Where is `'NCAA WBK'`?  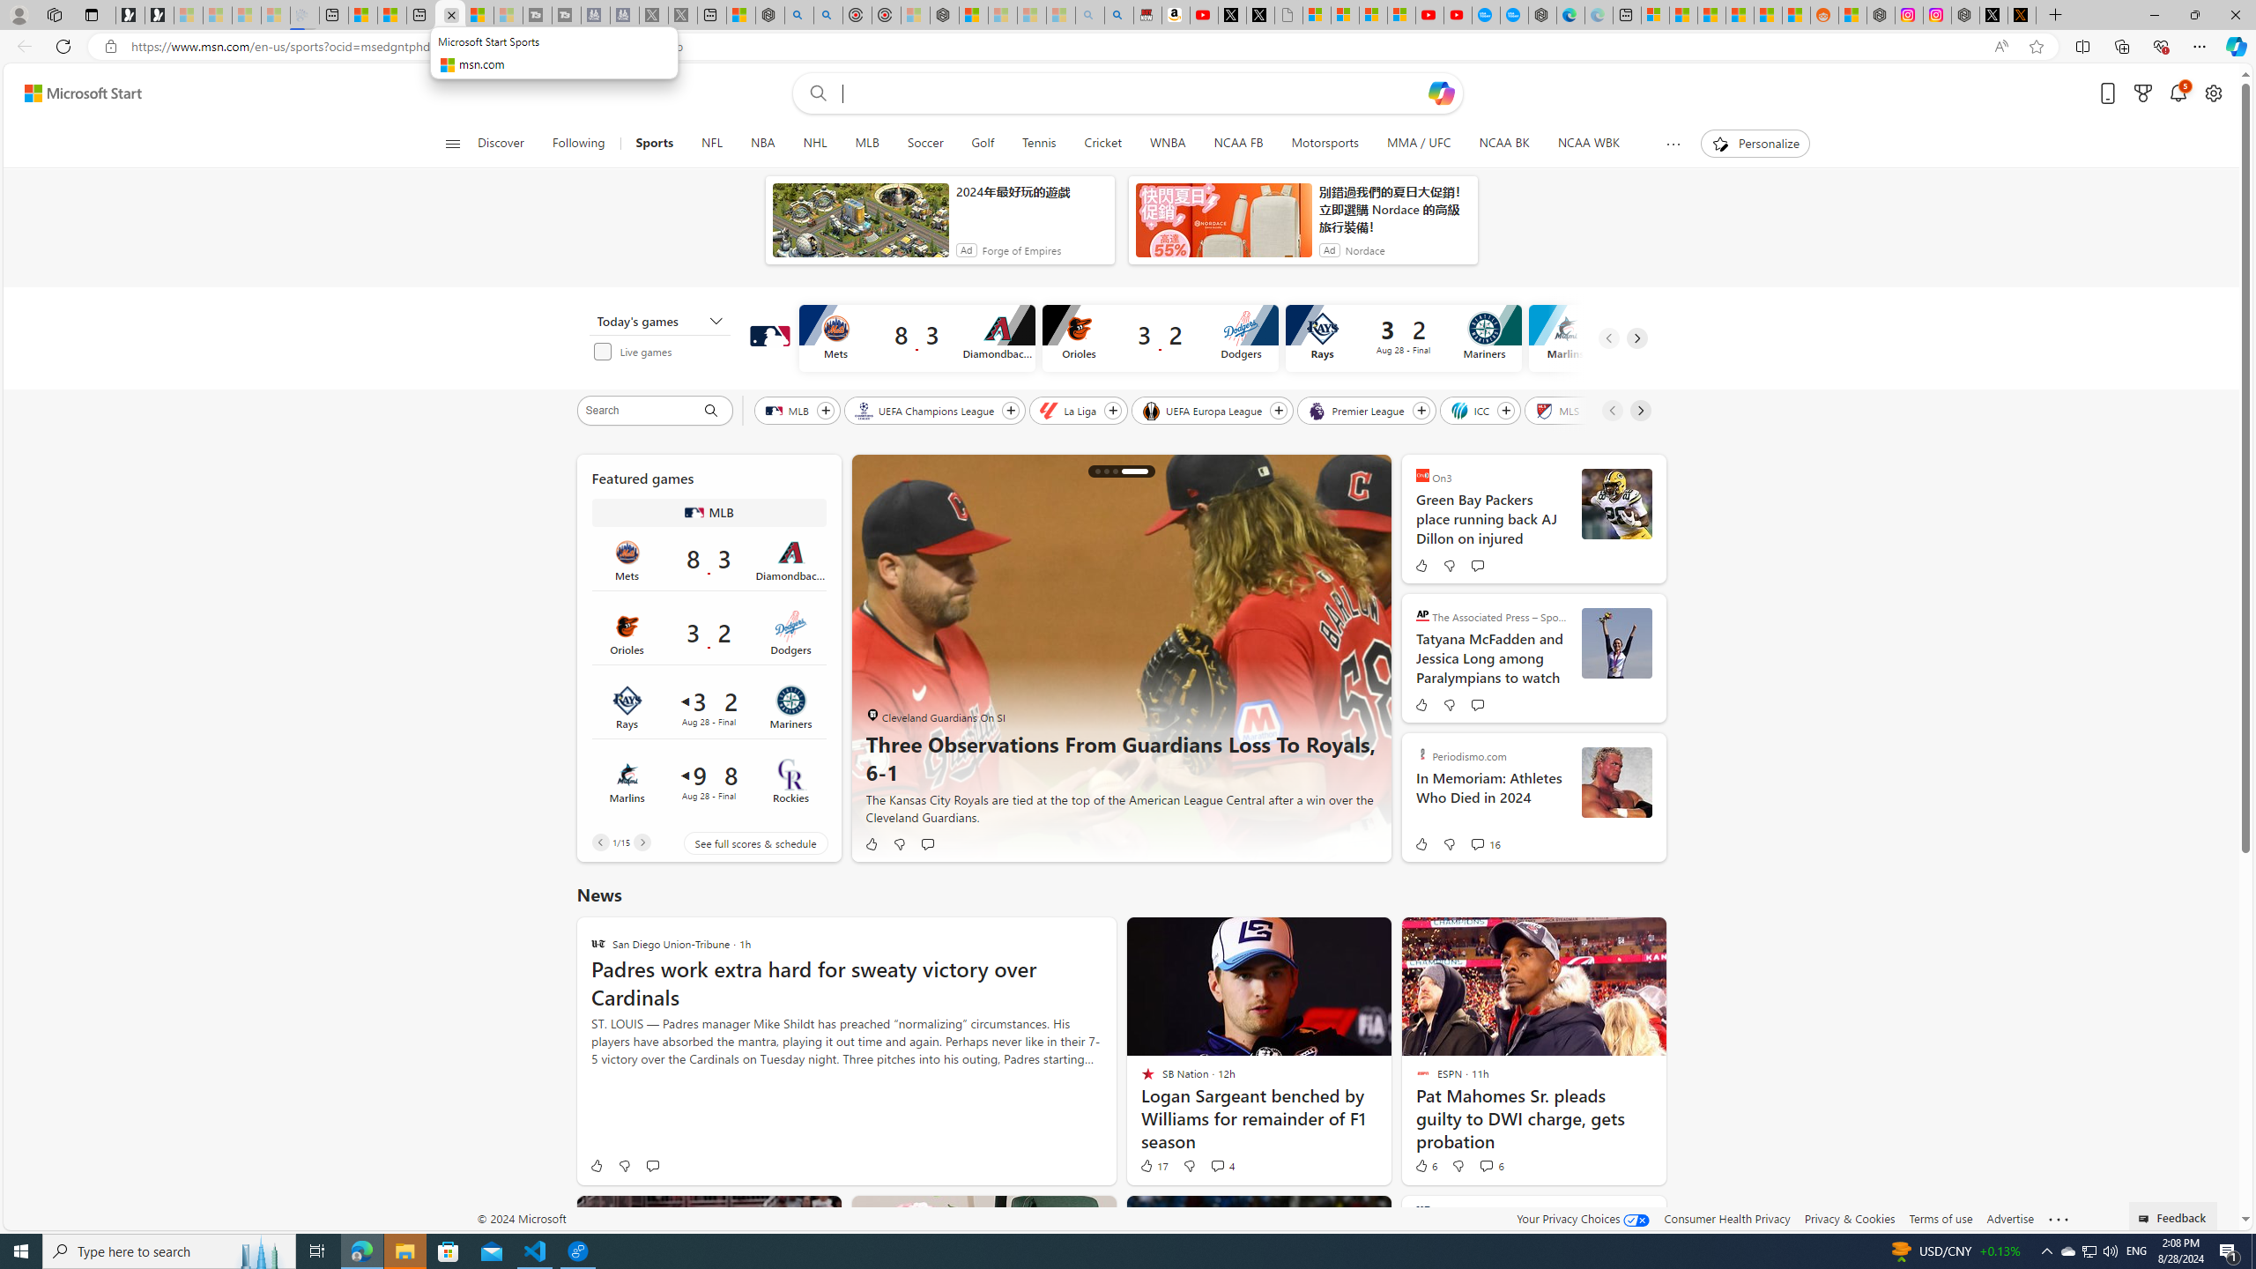
'NCAA WBK' is located at coordinates (1587, 143).